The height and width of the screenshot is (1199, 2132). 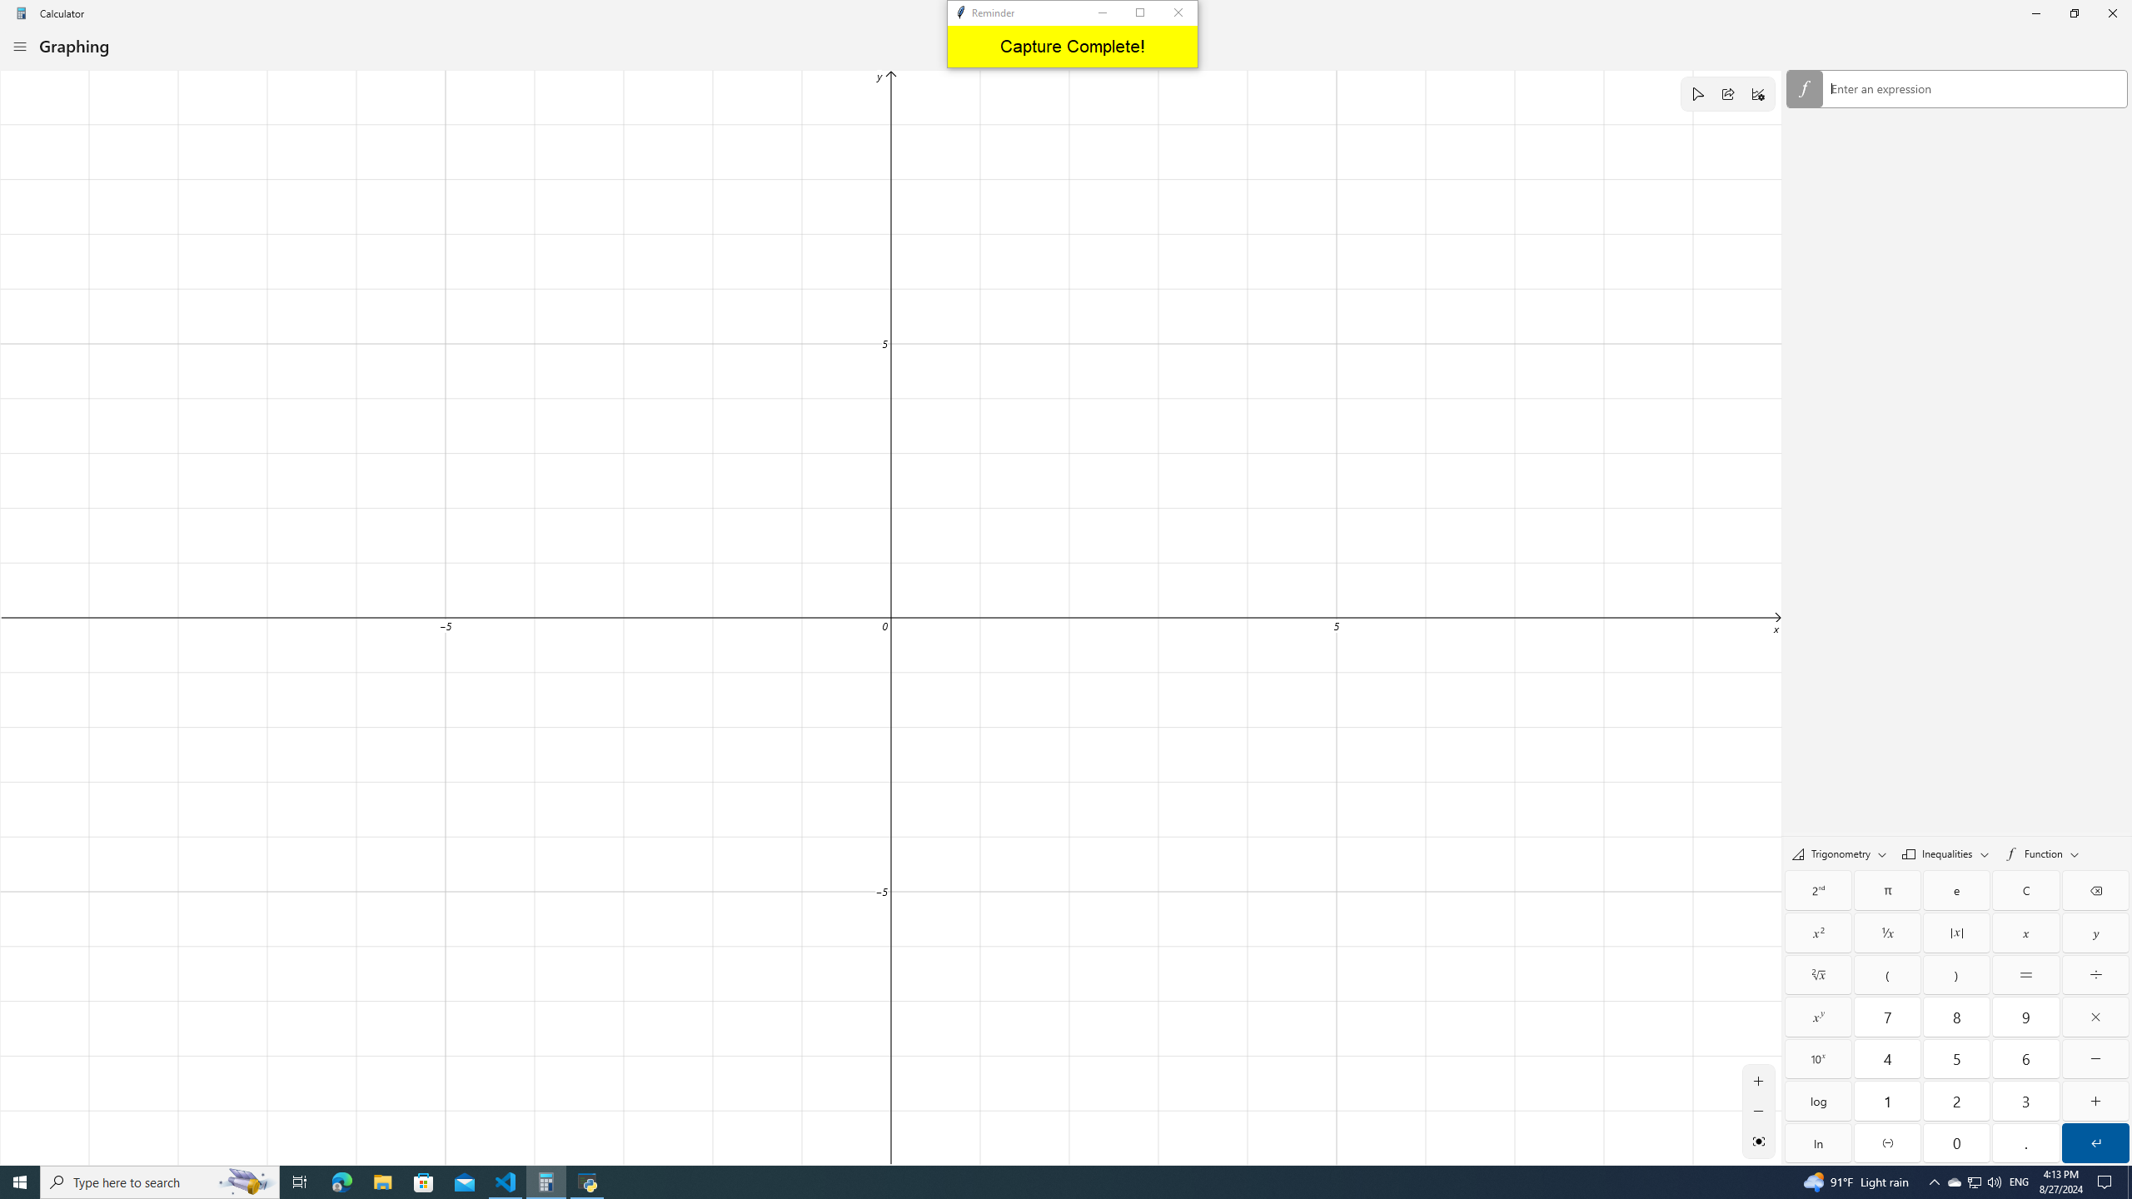 What do you see at coordinates (1887, 932) in the screenshot?
I see `'Reciprocal'` at bounding box center [1887, 932].